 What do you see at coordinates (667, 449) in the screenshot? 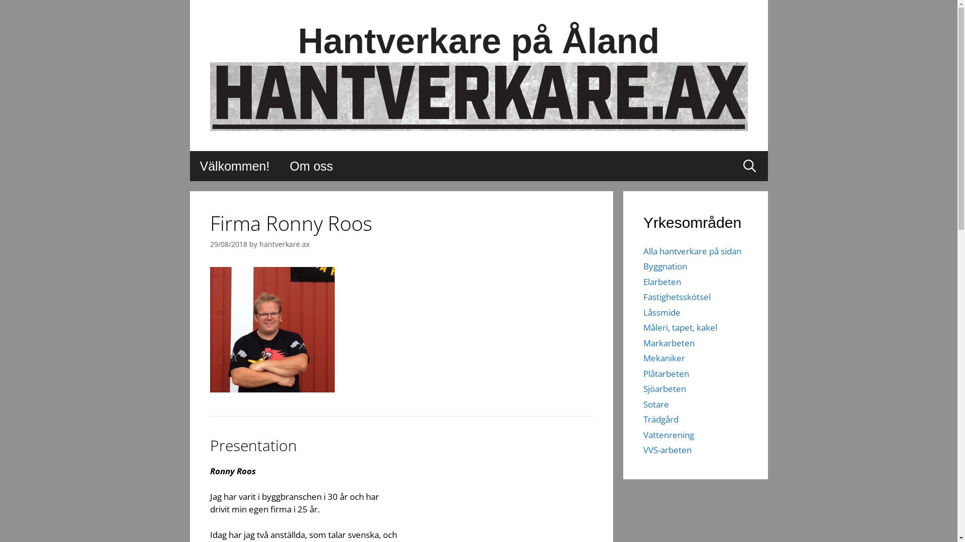
I see `'VVS-arbeten'` at bounding box center [667, 449].